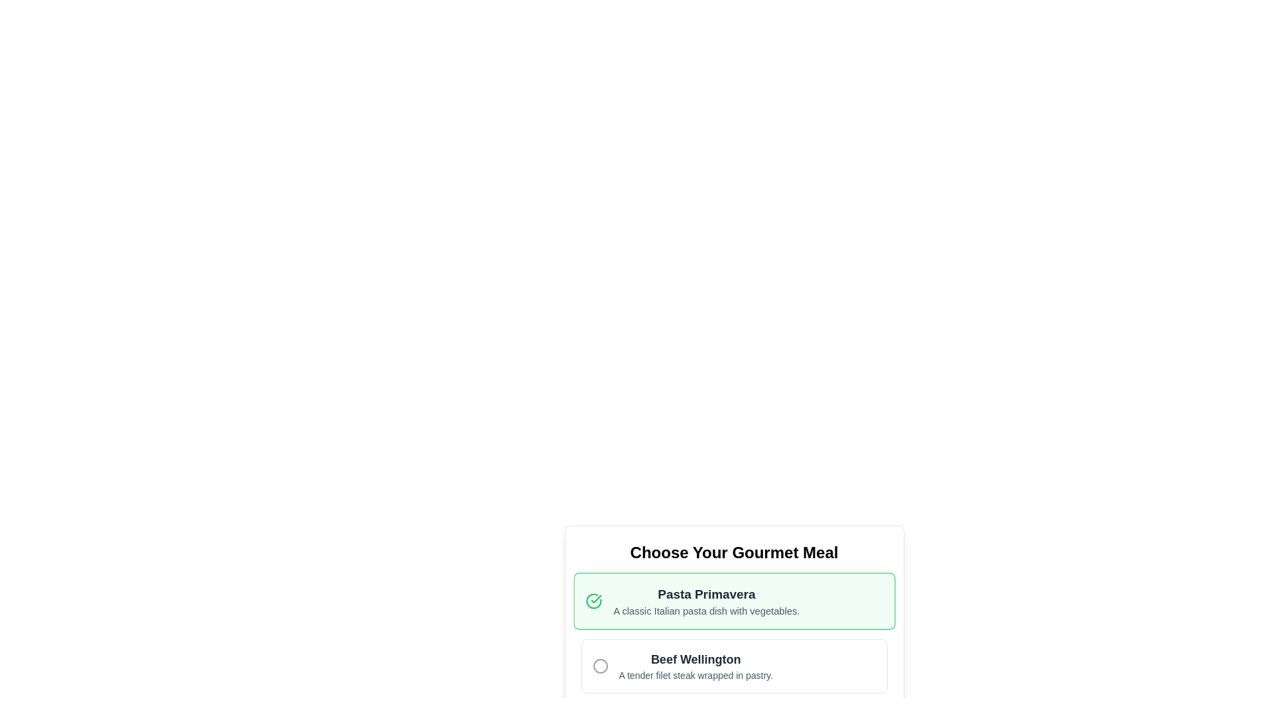  Describe the element at coordinates (705, 611) in the screenshot. I see `the static text element displaying 'A classic Italian pasta dish with vegetables.' which is located beneath the header 'Pasta Primavera'` at that location.